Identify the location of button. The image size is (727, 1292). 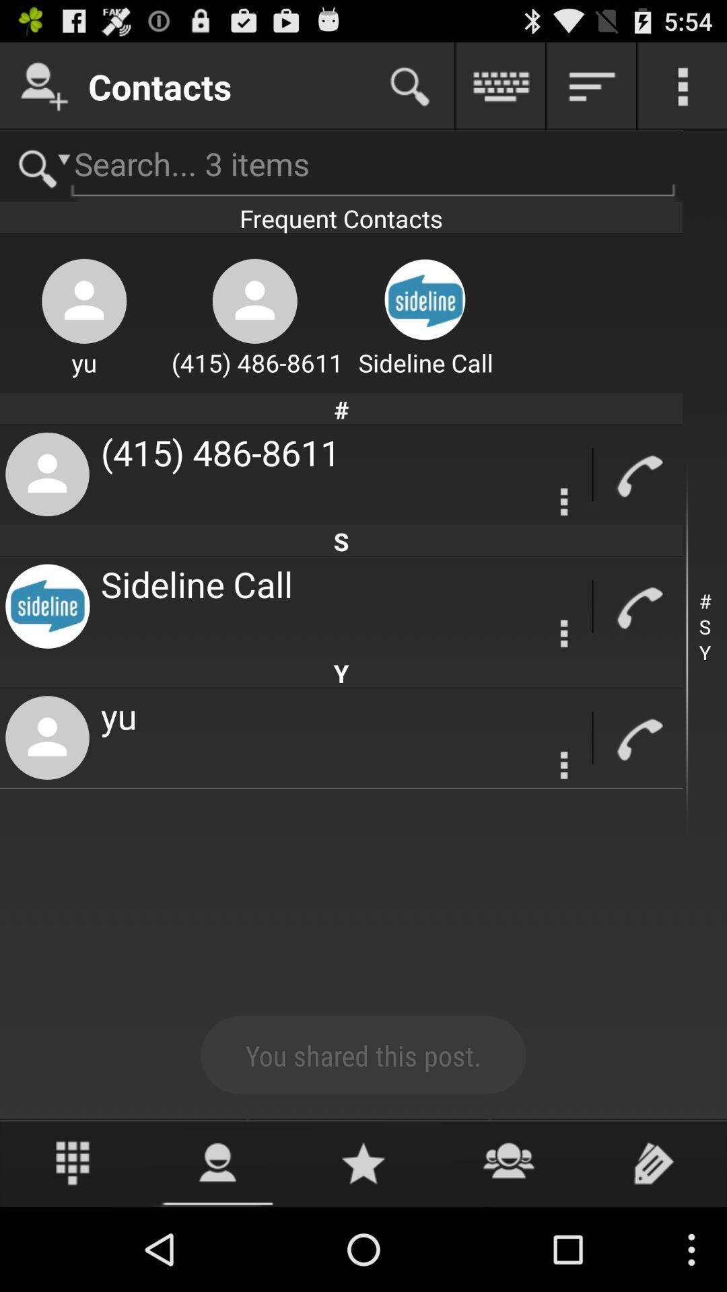
(591, 85).